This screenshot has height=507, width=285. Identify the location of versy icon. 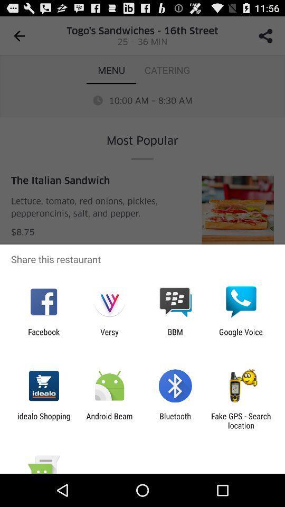
(109, 336).